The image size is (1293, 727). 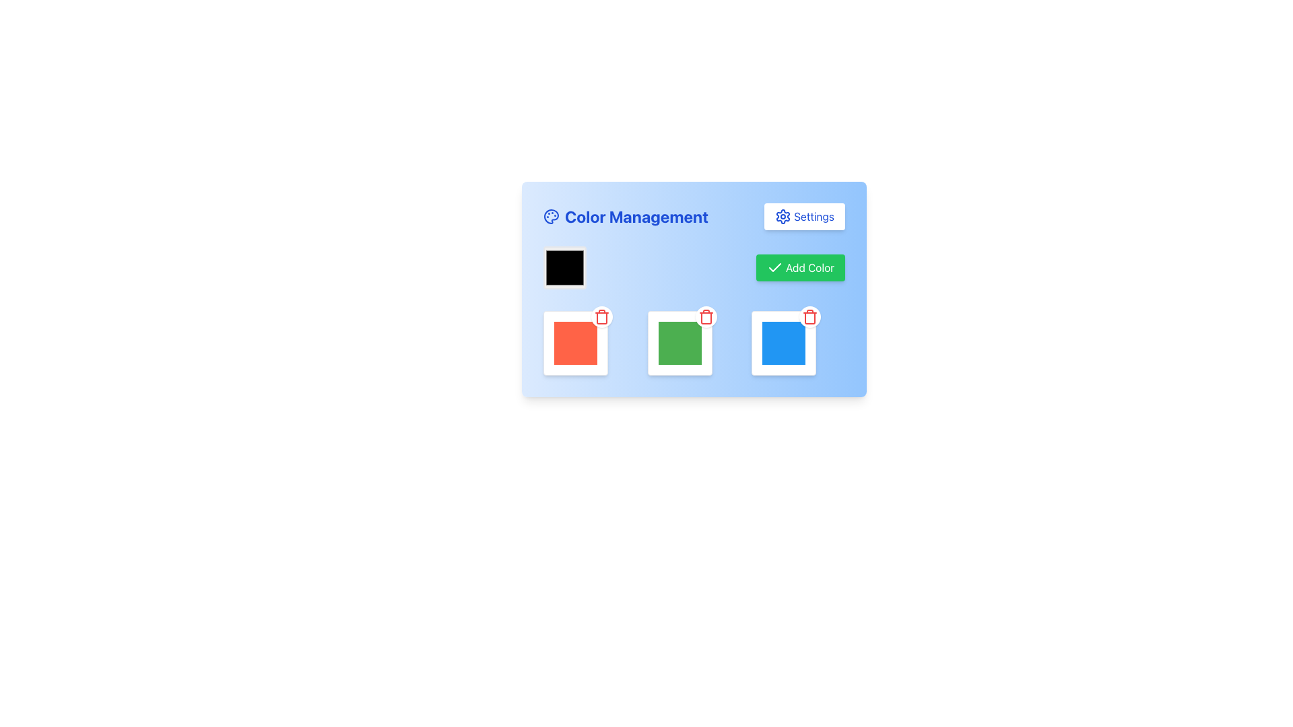 I want to click on the second color frame located below the 'Add Color' button, so click(x=694, y=342).